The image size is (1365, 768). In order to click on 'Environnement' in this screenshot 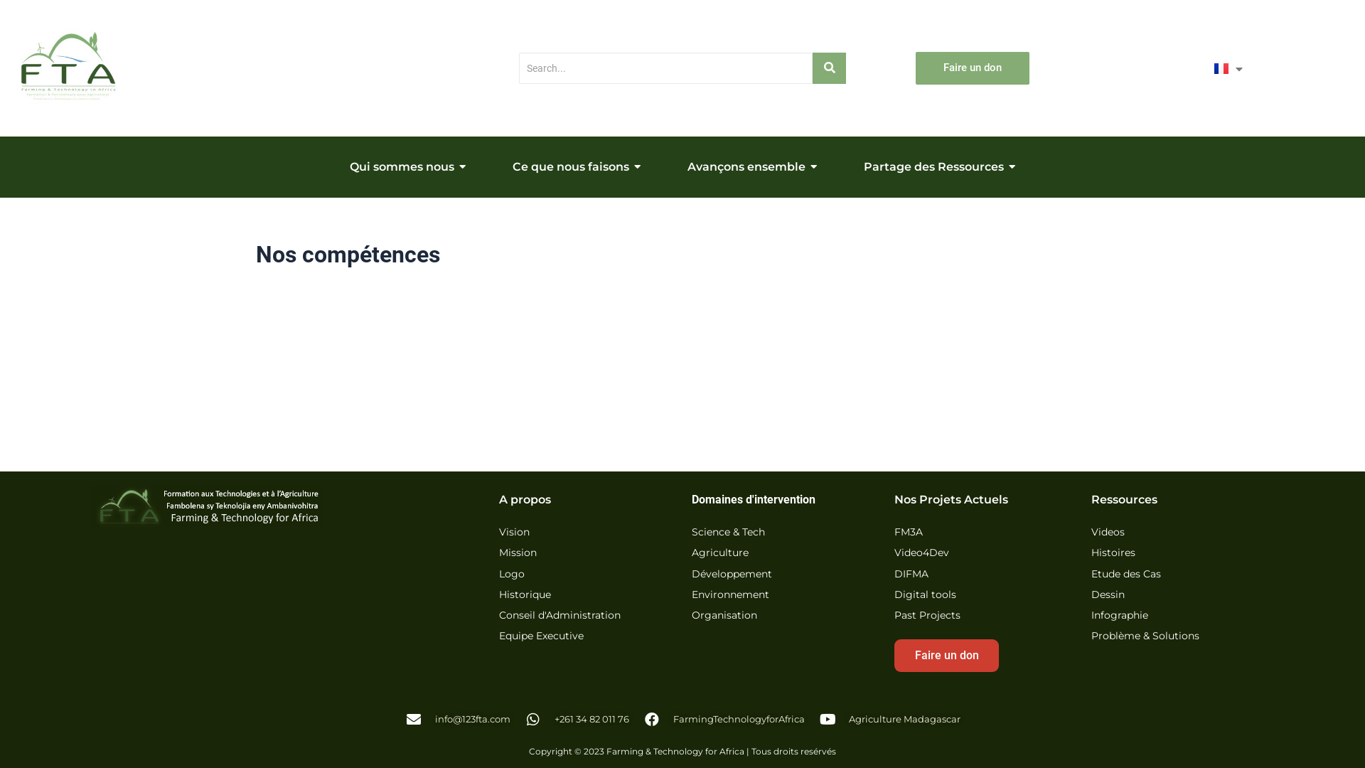, I will do `click(730, 595)`.